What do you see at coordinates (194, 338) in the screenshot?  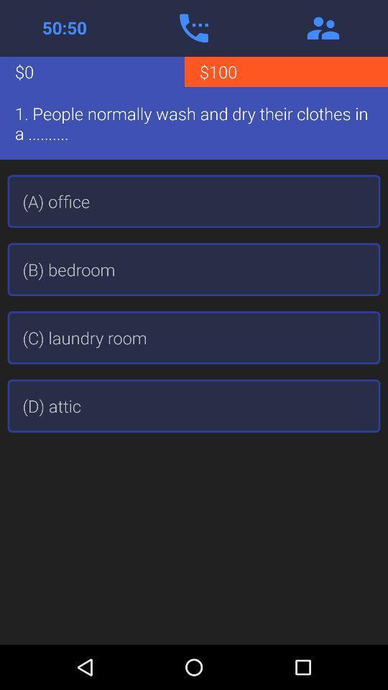 I see `the item below (b) bedroom app` at bounding box center [194, 338].